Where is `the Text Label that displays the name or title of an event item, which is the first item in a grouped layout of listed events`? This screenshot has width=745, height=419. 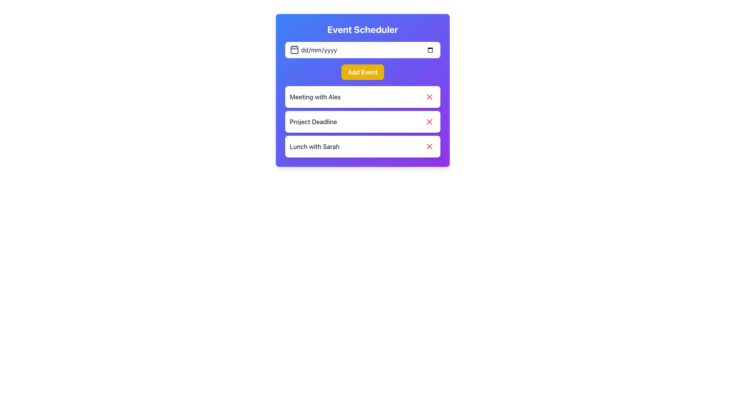 the Text Label that displays the name or title of an event item, which is the first item in a grouped layout of listed events is located at coordinates (315, 97).